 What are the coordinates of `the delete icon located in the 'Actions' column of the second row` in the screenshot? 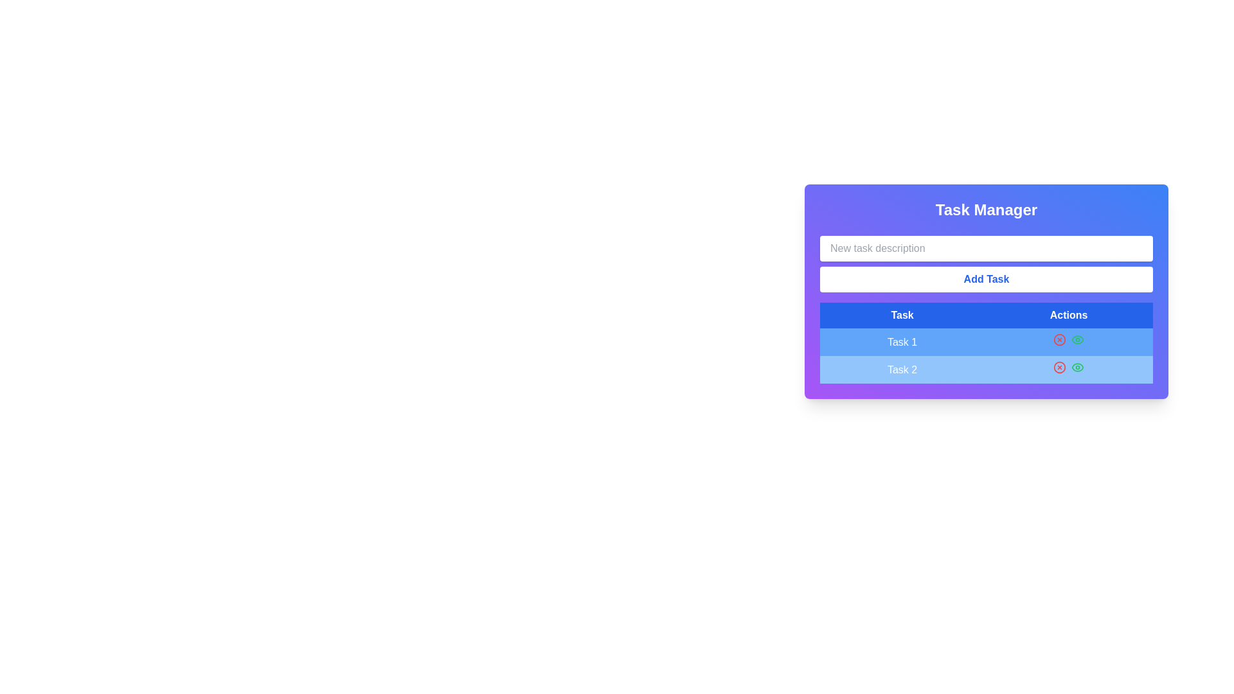 It's located at (1060, 367).